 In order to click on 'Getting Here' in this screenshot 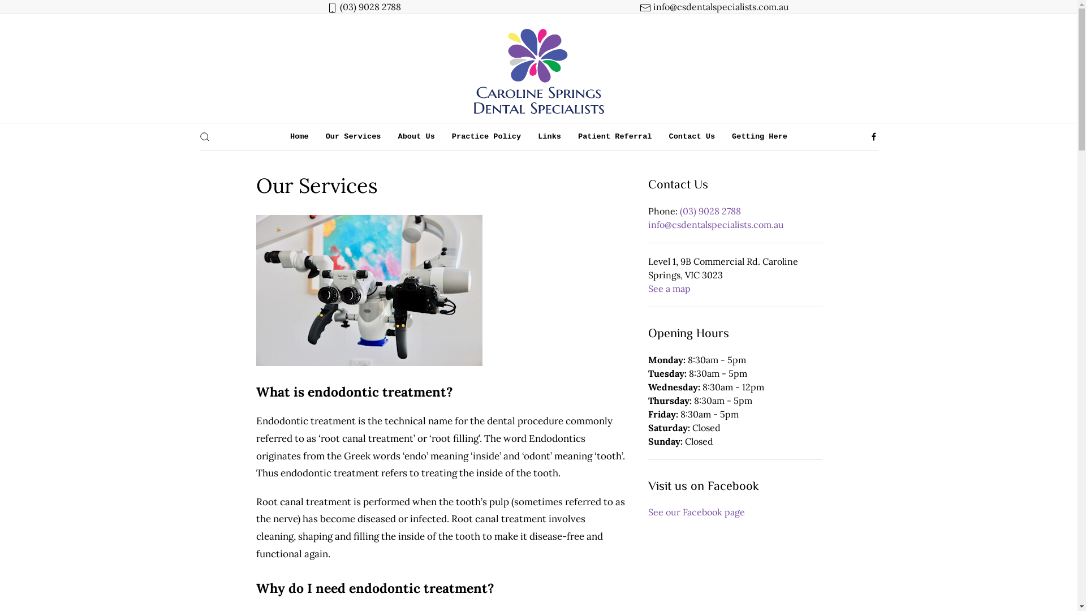, I will do `click(760, 136)`.